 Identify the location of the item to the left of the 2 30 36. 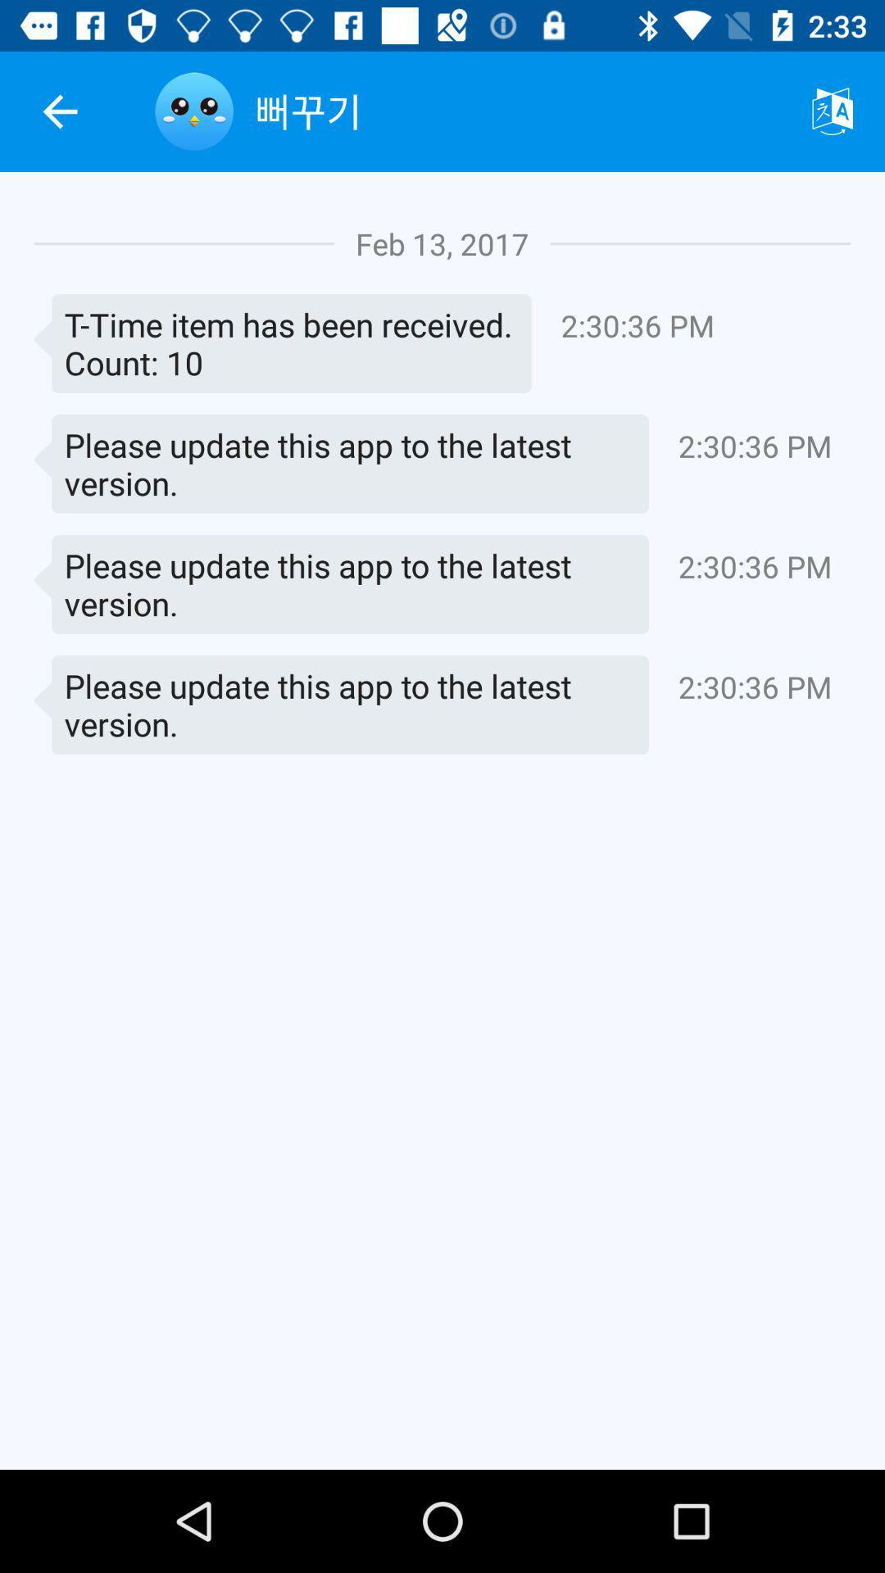
(282, 342).